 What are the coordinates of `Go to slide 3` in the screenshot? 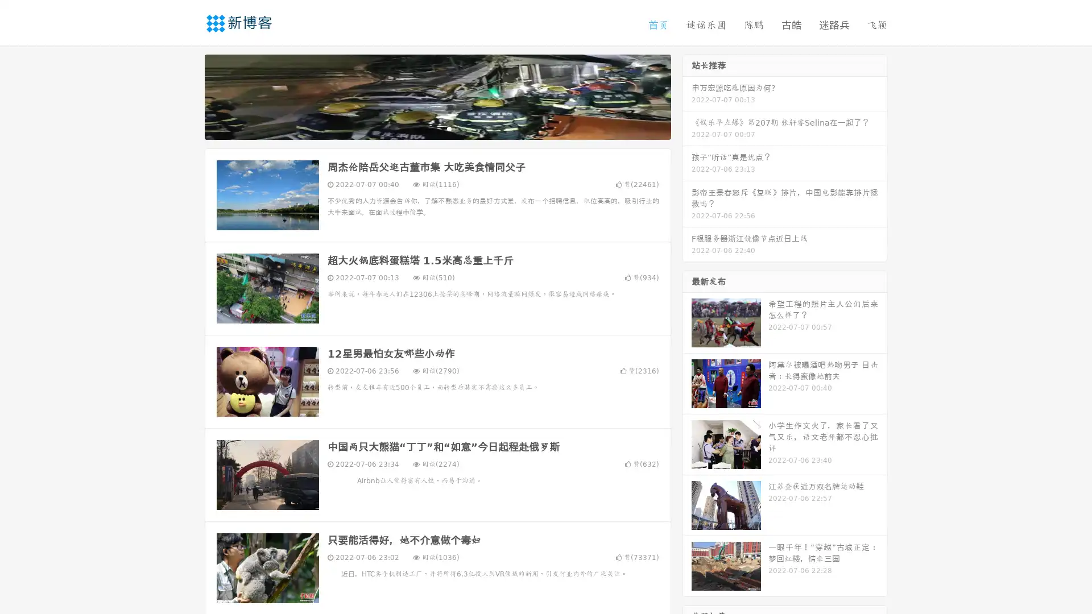 It's located at (449, 128).